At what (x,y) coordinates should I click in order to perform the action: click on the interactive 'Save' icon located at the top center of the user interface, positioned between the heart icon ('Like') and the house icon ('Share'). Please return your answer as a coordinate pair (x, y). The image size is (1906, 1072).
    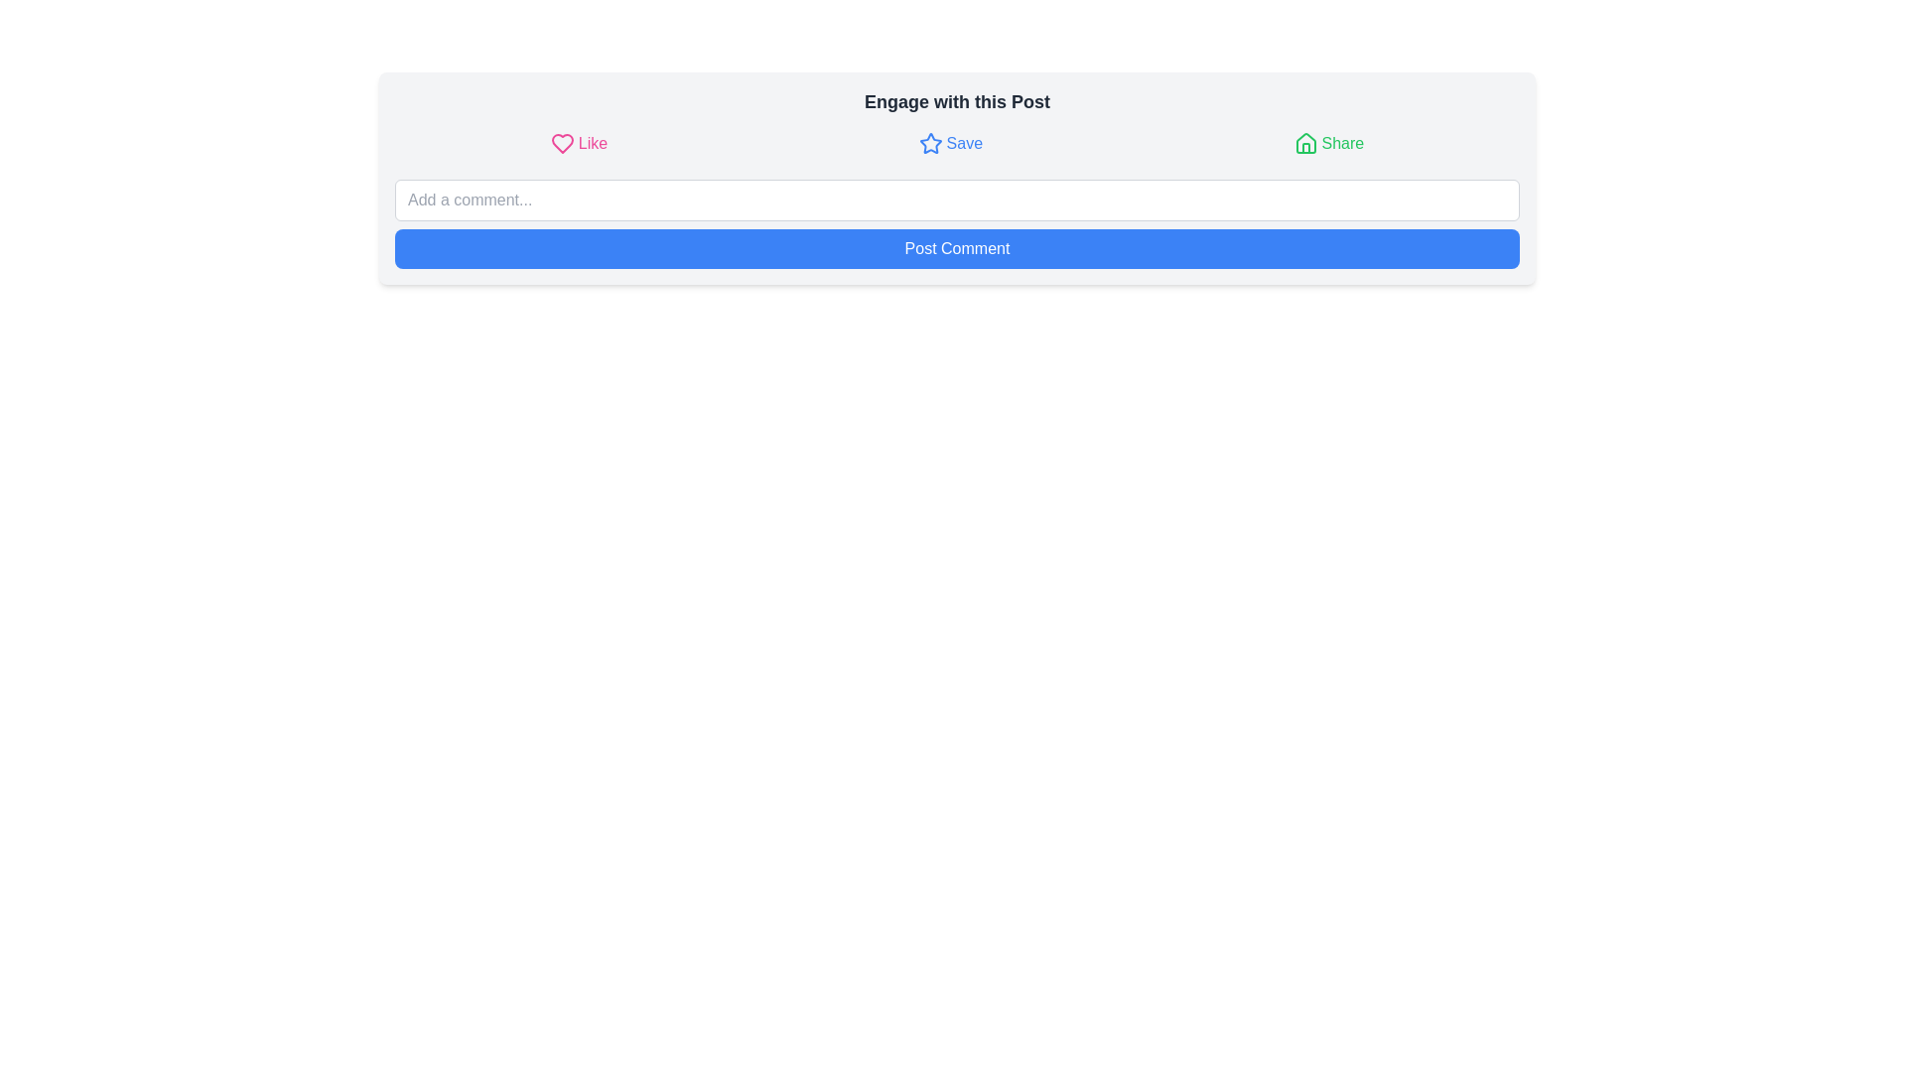
    Looking at the image, I should click on (929, 142).